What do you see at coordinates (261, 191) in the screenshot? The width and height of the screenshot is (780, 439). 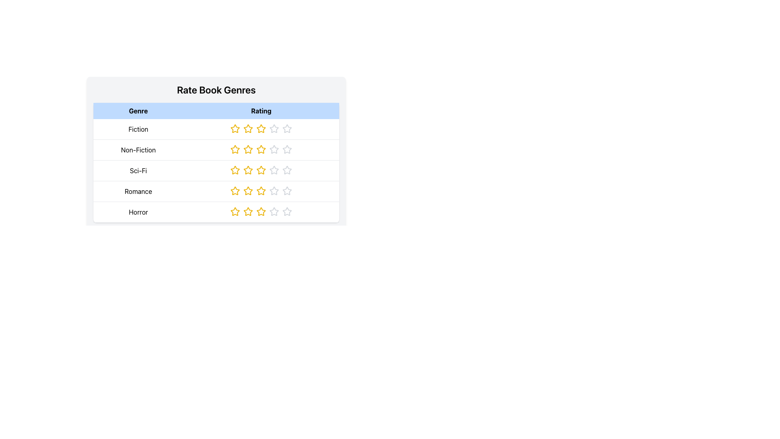 I see `the third star in the rating row for the 'Romance' genre` at bounding box center [261, 191].